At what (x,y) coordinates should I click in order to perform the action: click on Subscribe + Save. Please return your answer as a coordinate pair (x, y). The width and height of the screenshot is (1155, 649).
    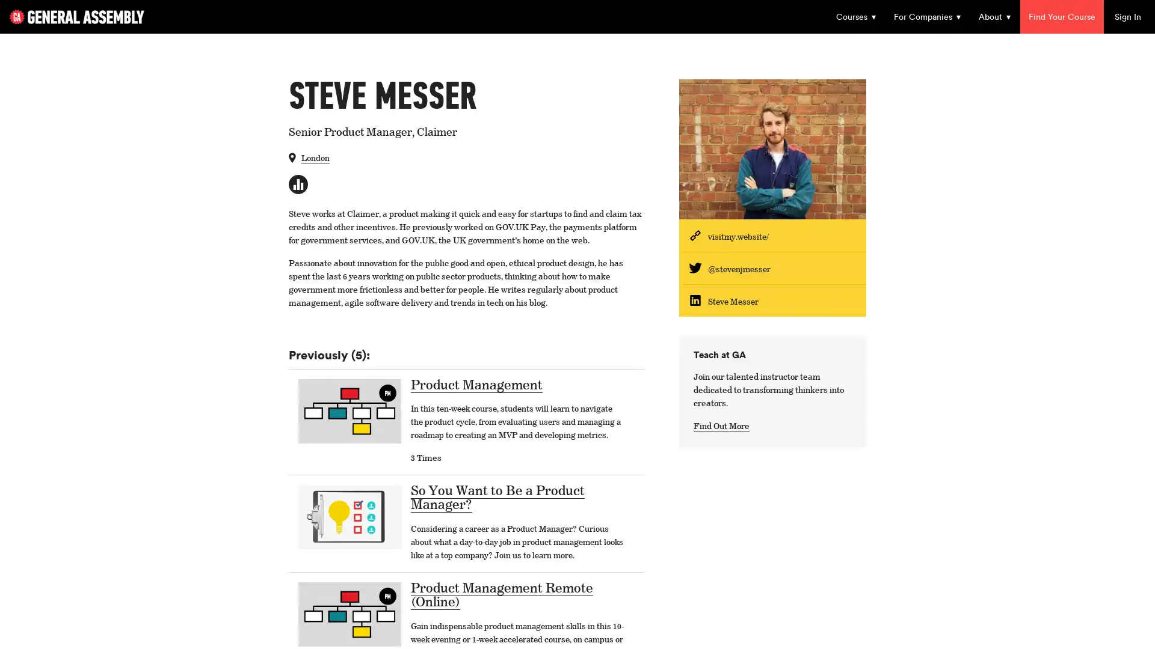
    Looking at the image, I should click on (487, 365).